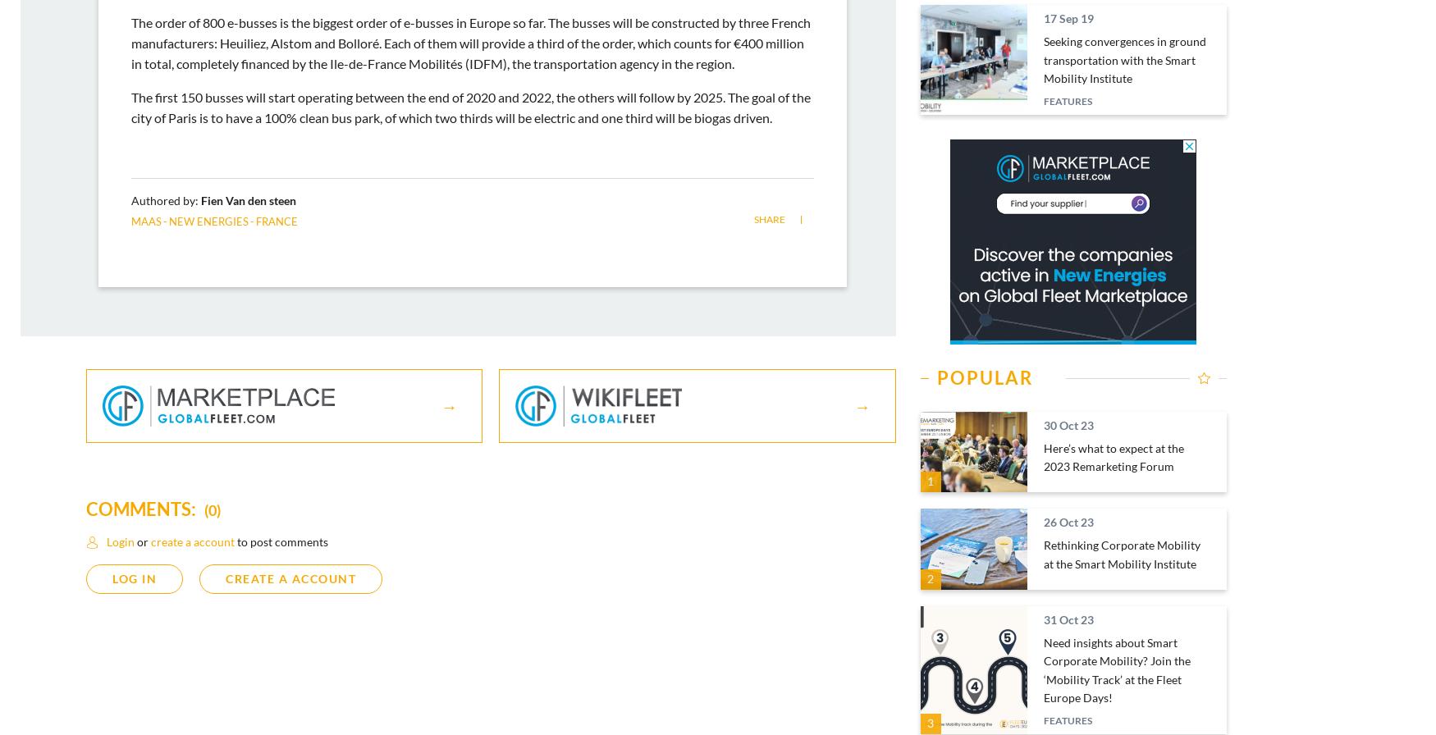 The image size is (1436, 735). Describe the element at coordinates (166, 199) in the screenshot. I see `'Authored by:'` at that location.